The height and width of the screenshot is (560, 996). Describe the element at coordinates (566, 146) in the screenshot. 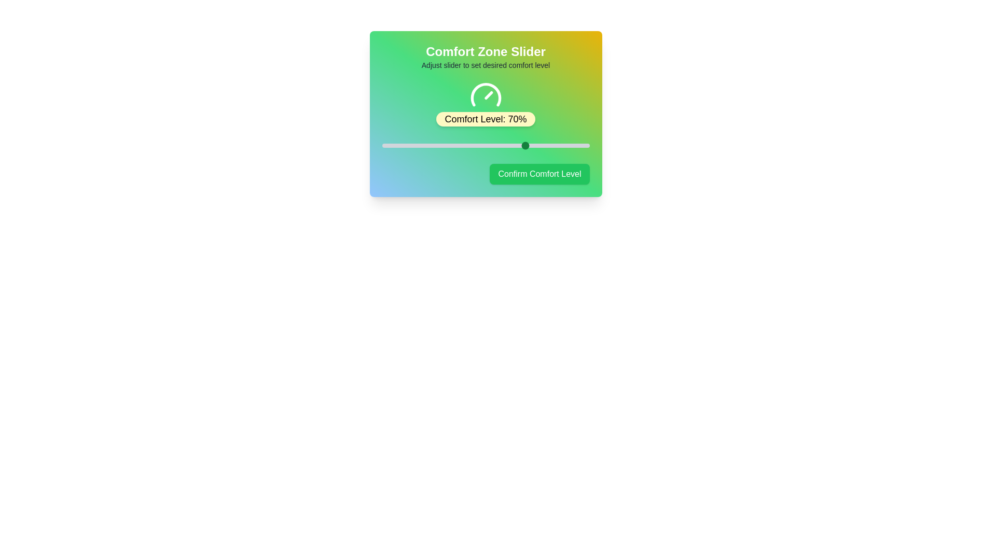

I see `the slider to set the comfort level to 89` at that location.